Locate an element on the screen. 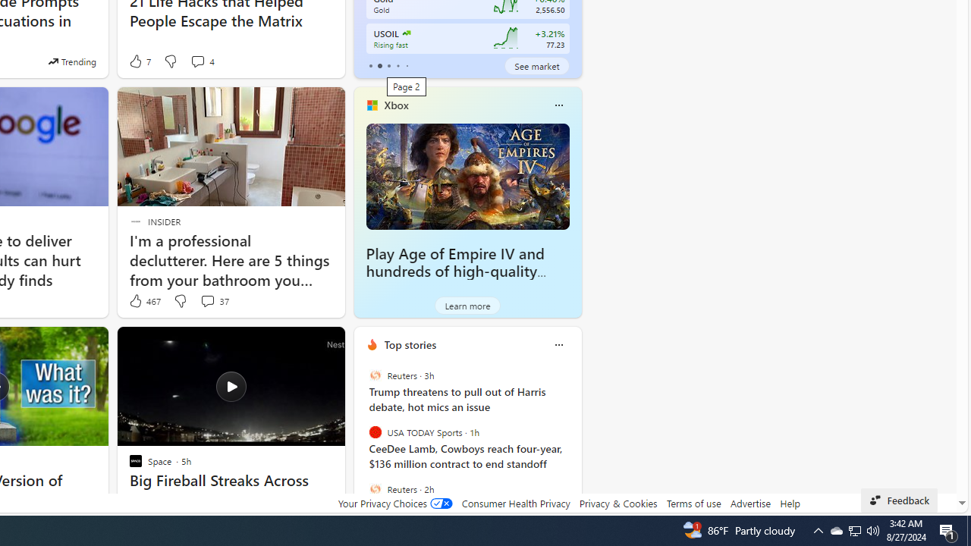 The image size is (971, 546). 'View comments 37 Comment' is located at coordinates (206, 301).